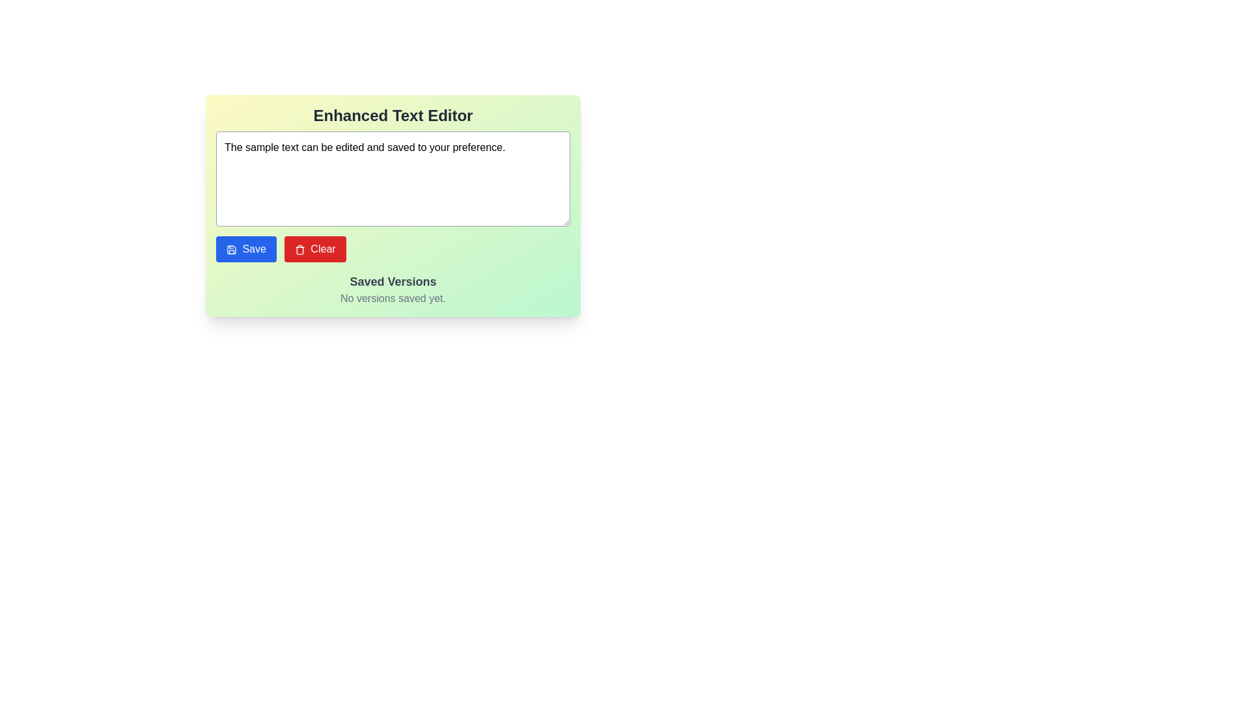  Describe the element at coordinates (393, 299) in the screenshot. I see `the text label displaying 'No versions saved yet.' which is located below the 'Saved Versions' header in the green background area` at that location.